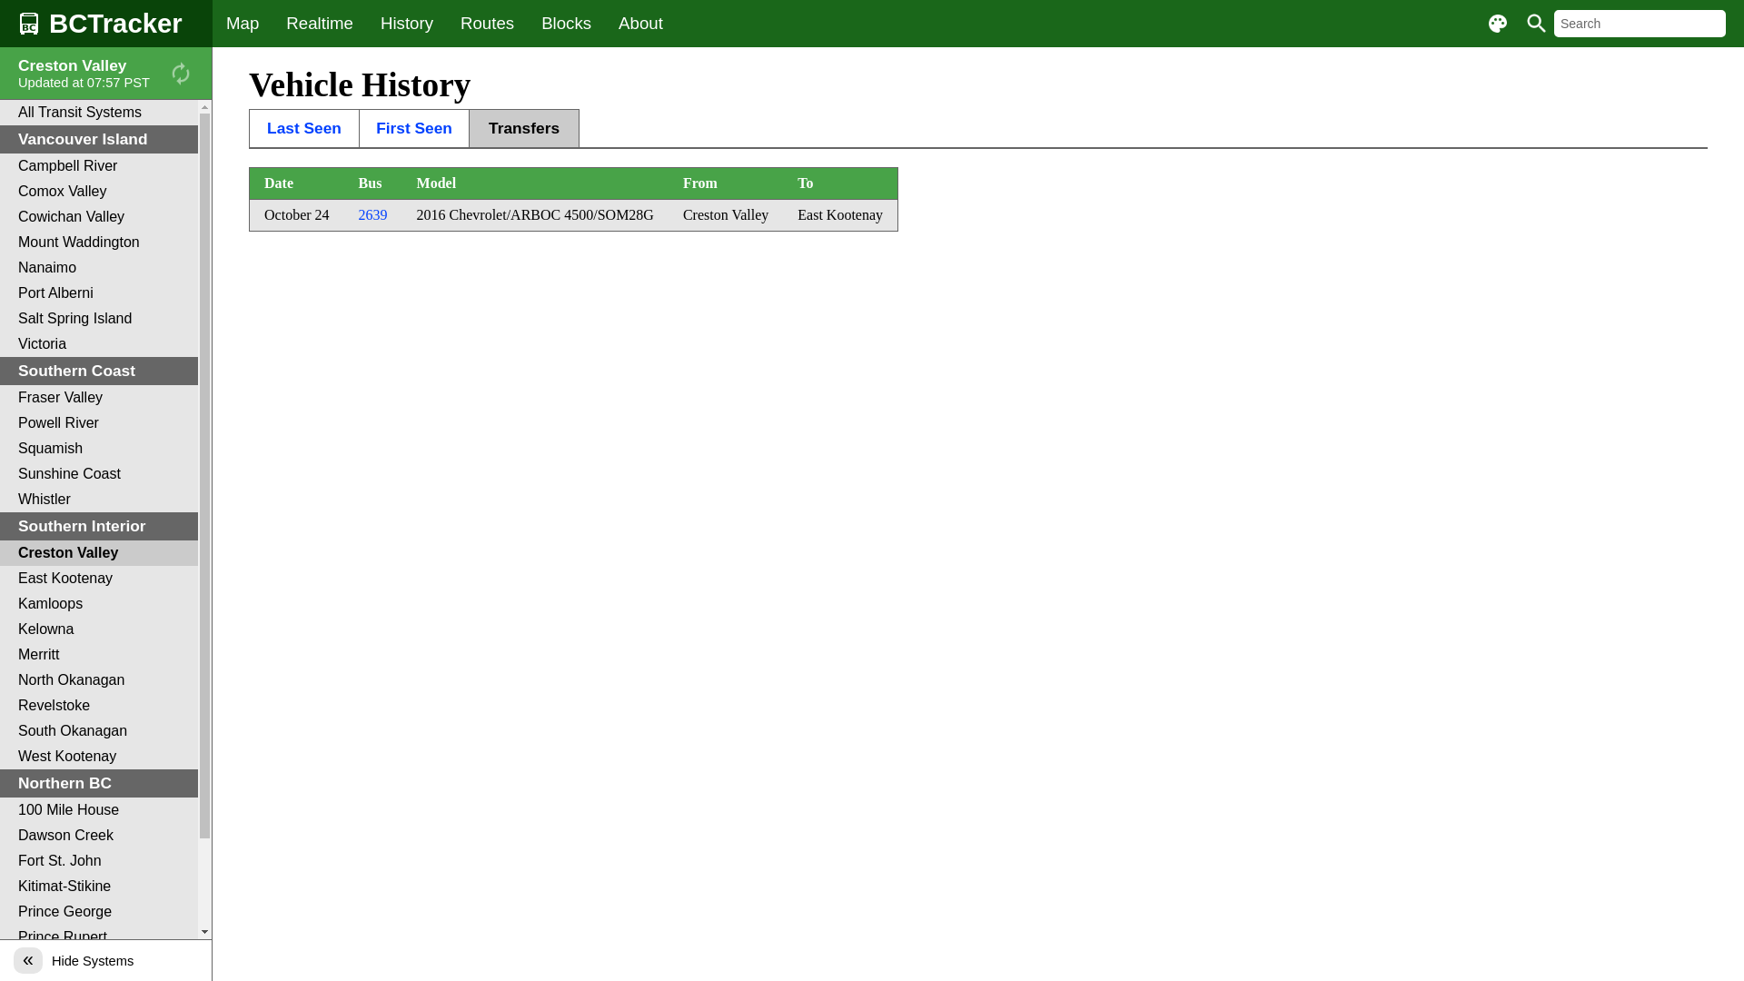 This screenshot has width=1744, height=981. Describe the element at coordinates (0, 629) in the screenshot. I see `'Kelowna'` at that location.